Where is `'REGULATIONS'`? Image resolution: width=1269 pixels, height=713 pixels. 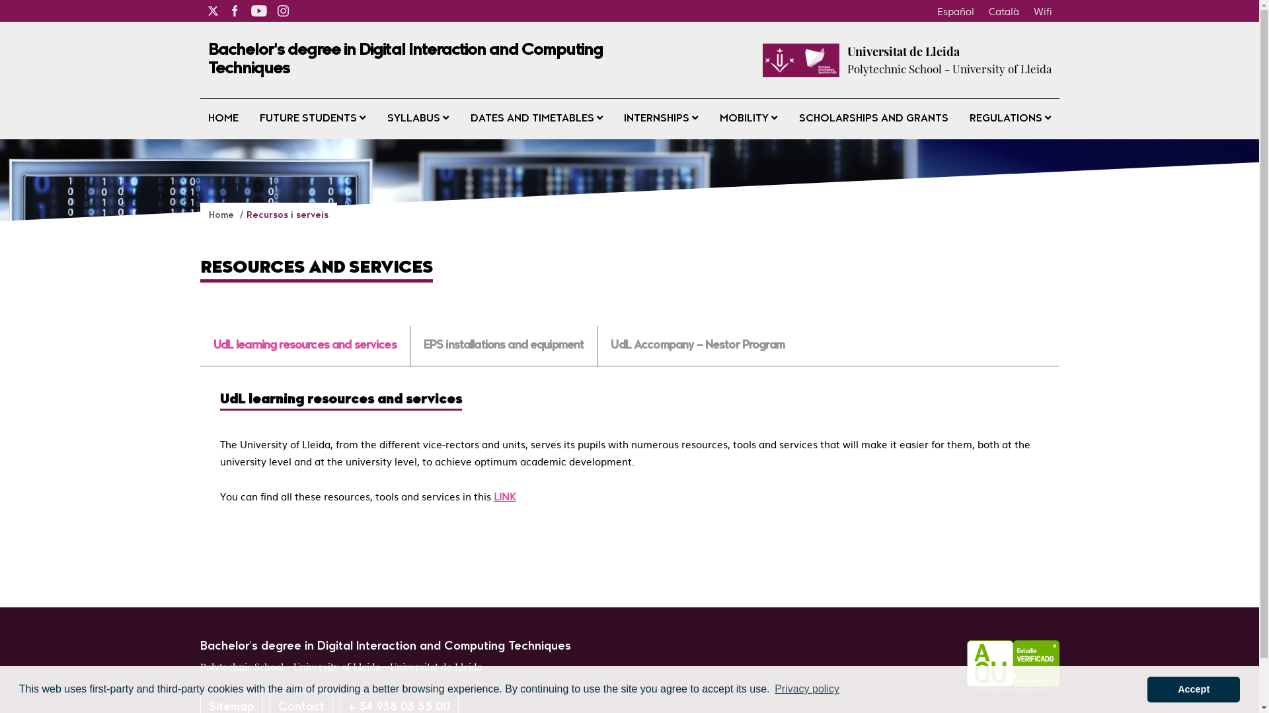 'REGULATIONS' is located at coordinates (1009, 119).